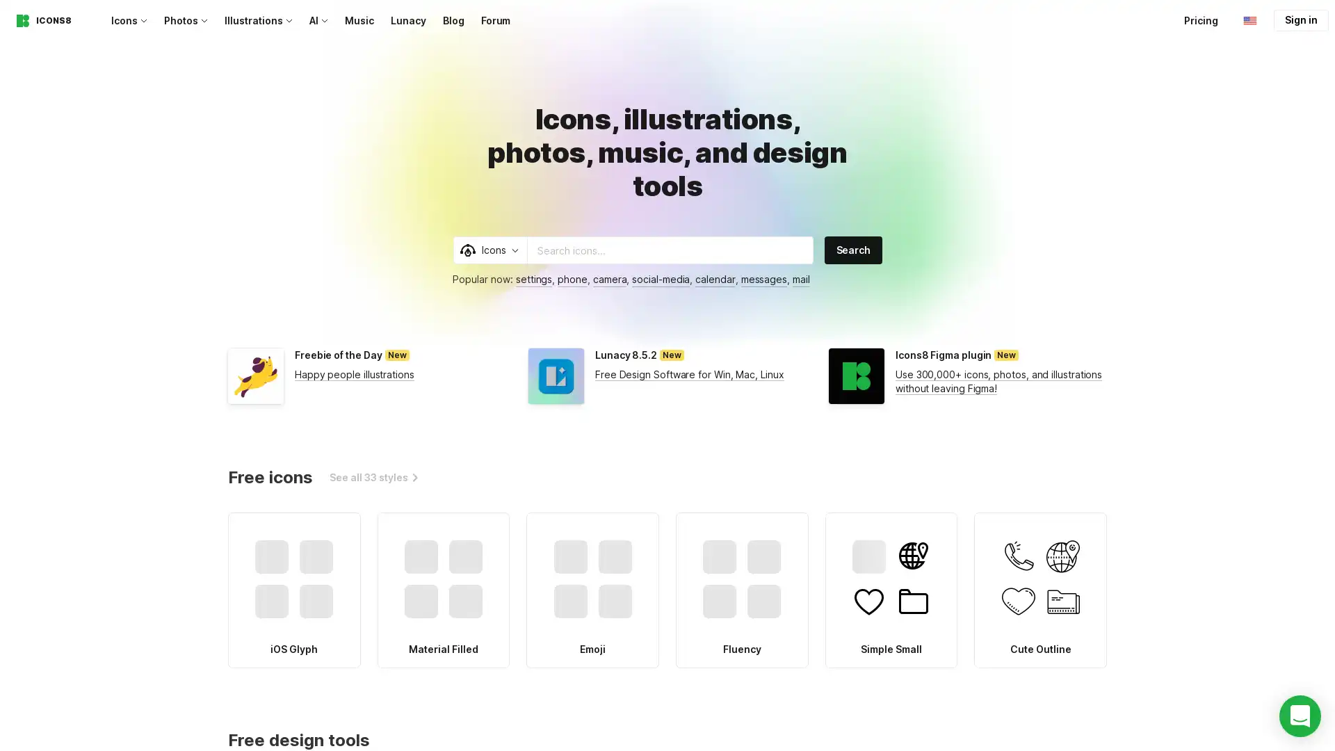 The height and width of the screenshot is (751, 1335). Describe the element at coordinates (1300, 716) in the screenshot. I see `Open chat with support` at that location.